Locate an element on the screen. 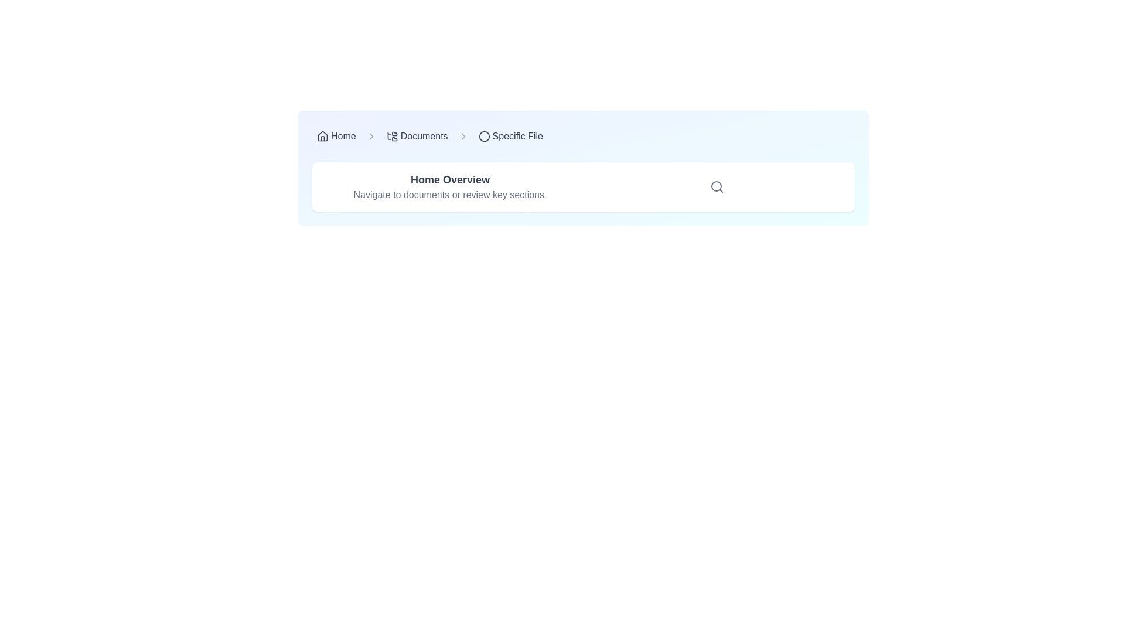 The width and height of the screenshot is (1125, 633). the 'Documents' clickable navigation link, which includes a folder tree icon and bold text is located at coordinates (417, 135).